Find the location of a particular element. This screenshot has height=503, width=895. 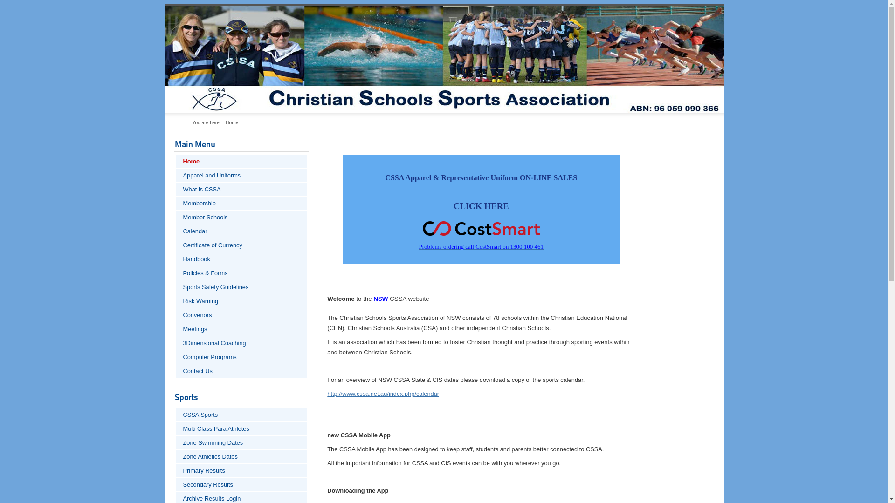

'Handbook' is located at coordinates (241, 259).